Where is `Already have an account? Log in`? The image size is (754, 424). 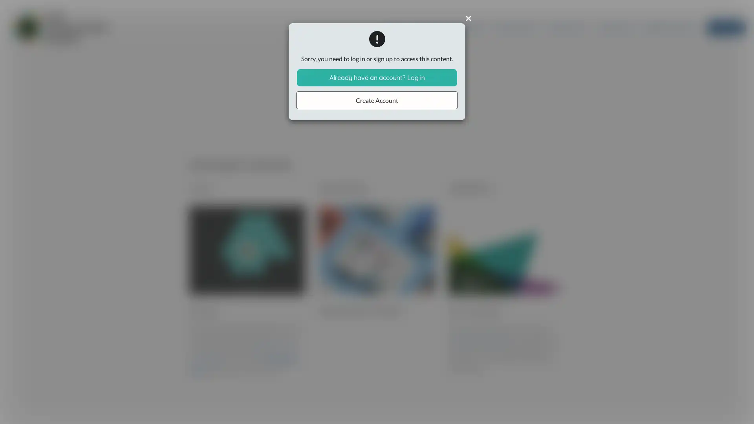 Already have an account? Log in is located at coordinates (377, 77).